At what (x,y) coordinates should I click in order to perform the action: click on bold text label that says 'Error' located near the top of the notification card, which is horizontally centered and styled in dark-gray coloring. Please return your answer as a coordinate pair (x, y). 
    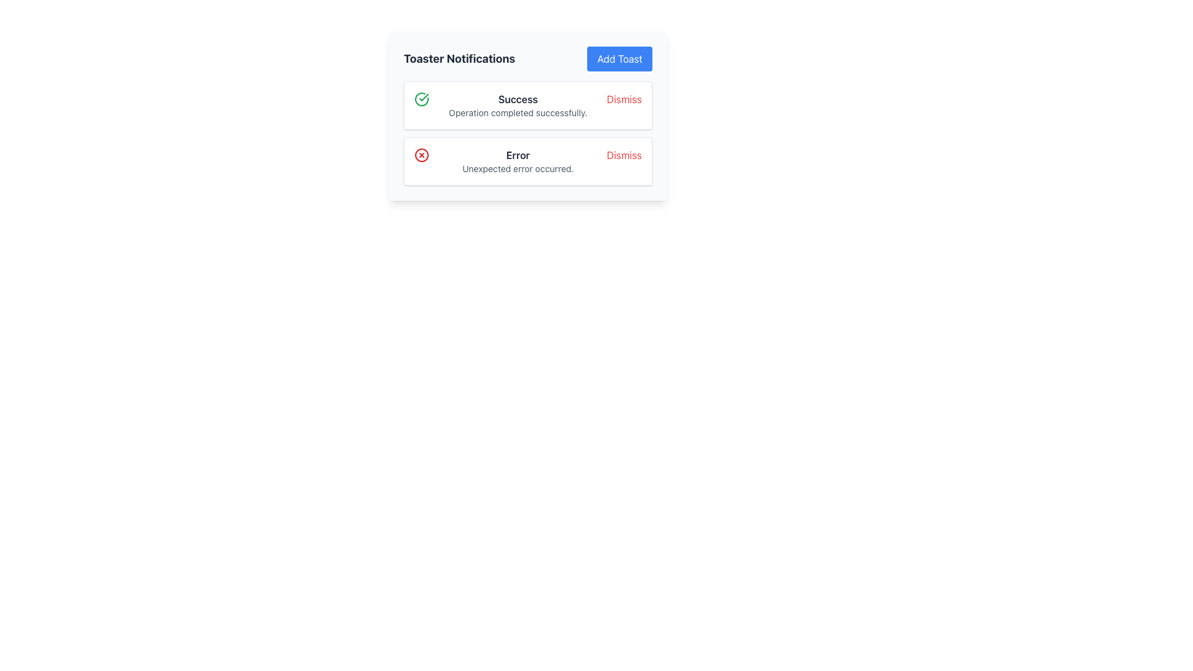
    Looking at the image, I should click on (518, 155).